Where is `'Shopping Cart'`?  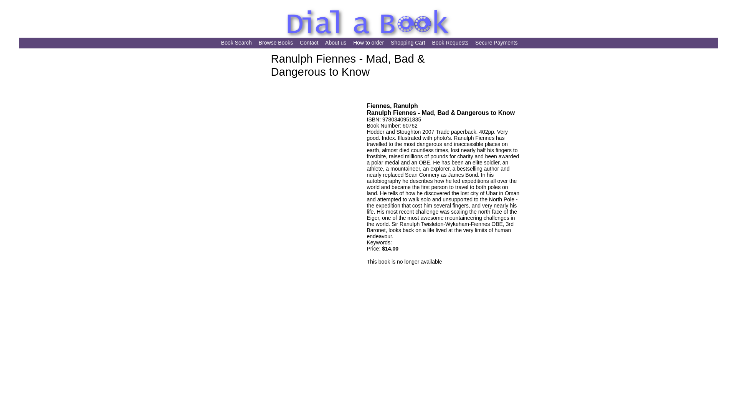 'Shopping Cart' is located at coordinates (407, 43).